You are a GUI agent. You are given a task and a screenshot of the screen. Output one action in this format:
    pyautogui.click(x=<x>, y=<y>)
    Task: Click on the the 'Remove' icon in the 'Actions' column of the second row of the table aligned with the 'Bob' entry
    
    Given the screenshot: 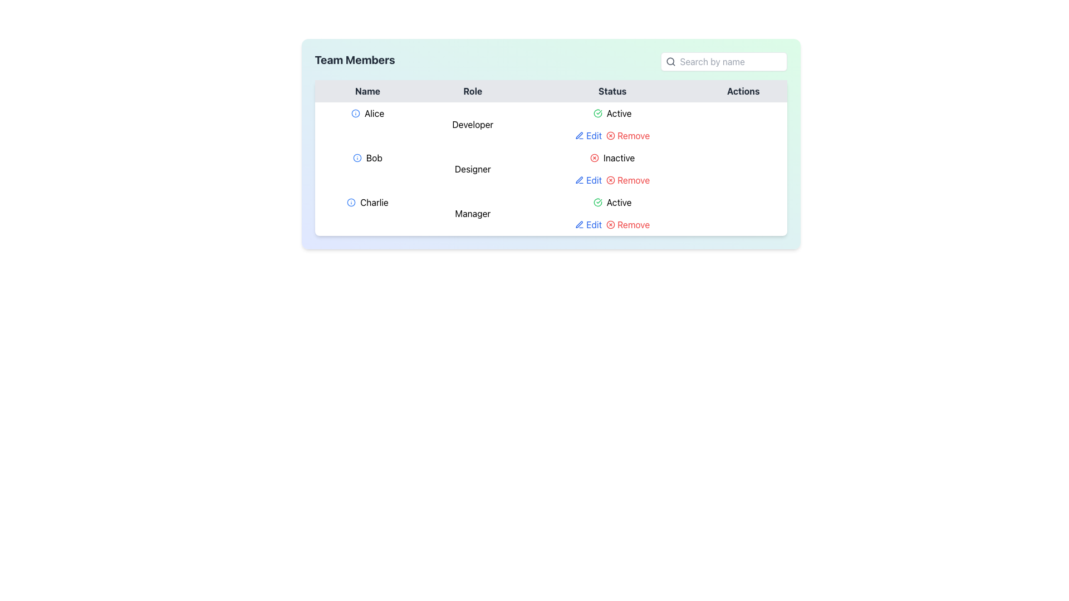 What is the action you would take?
    pyautogui.click(x=610, y=180)
    